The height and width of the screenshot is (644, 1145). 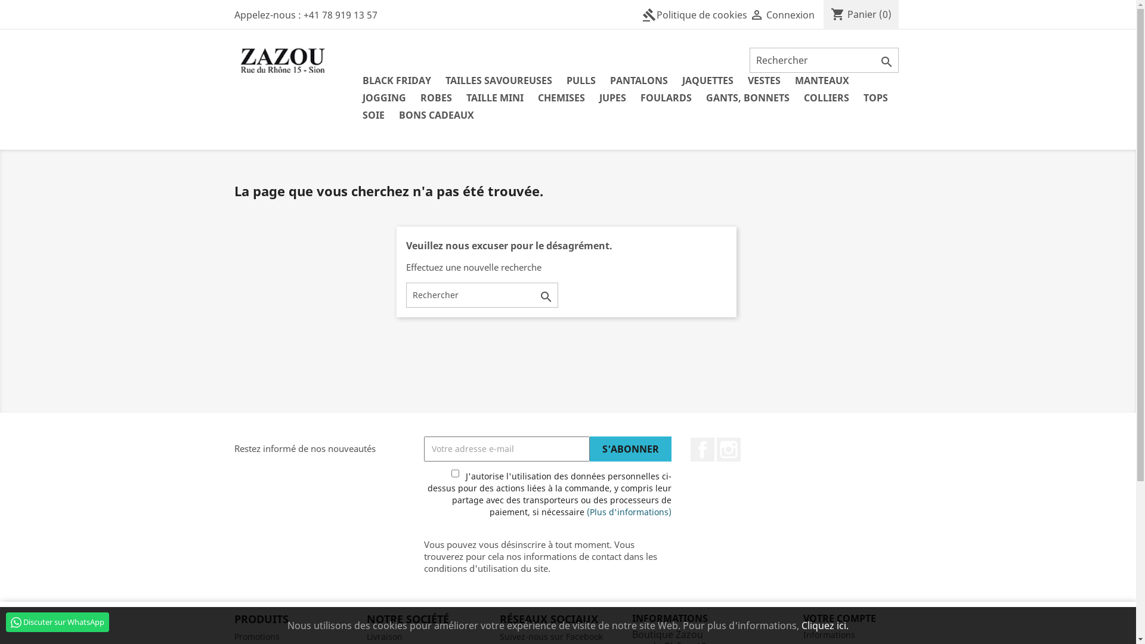 I want to click on 'JOGGING', so click(x=384, y=98).